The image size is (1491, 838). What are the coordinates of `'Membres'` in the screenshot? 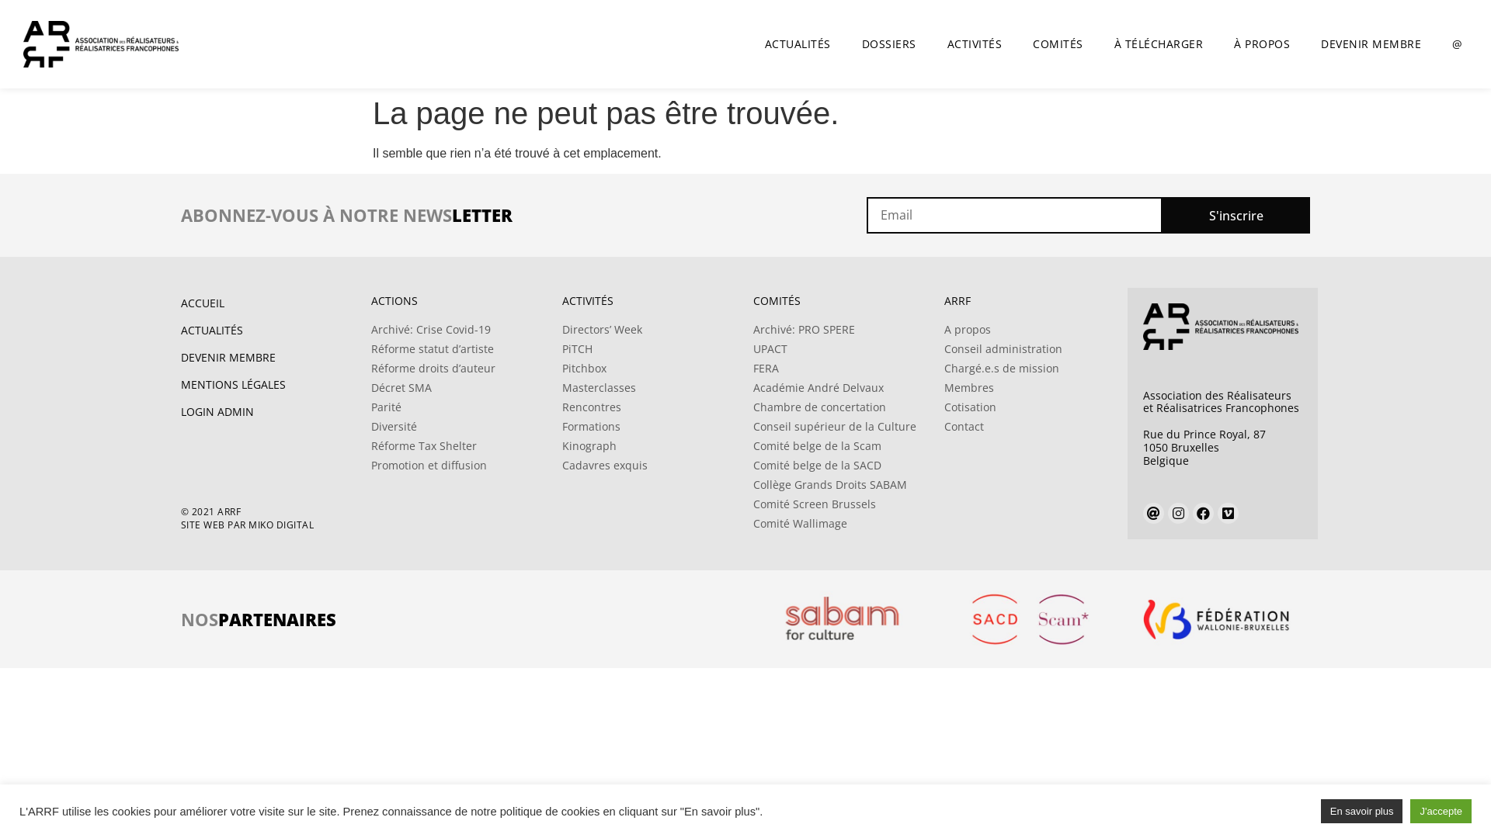 It's located at (1032, 387).